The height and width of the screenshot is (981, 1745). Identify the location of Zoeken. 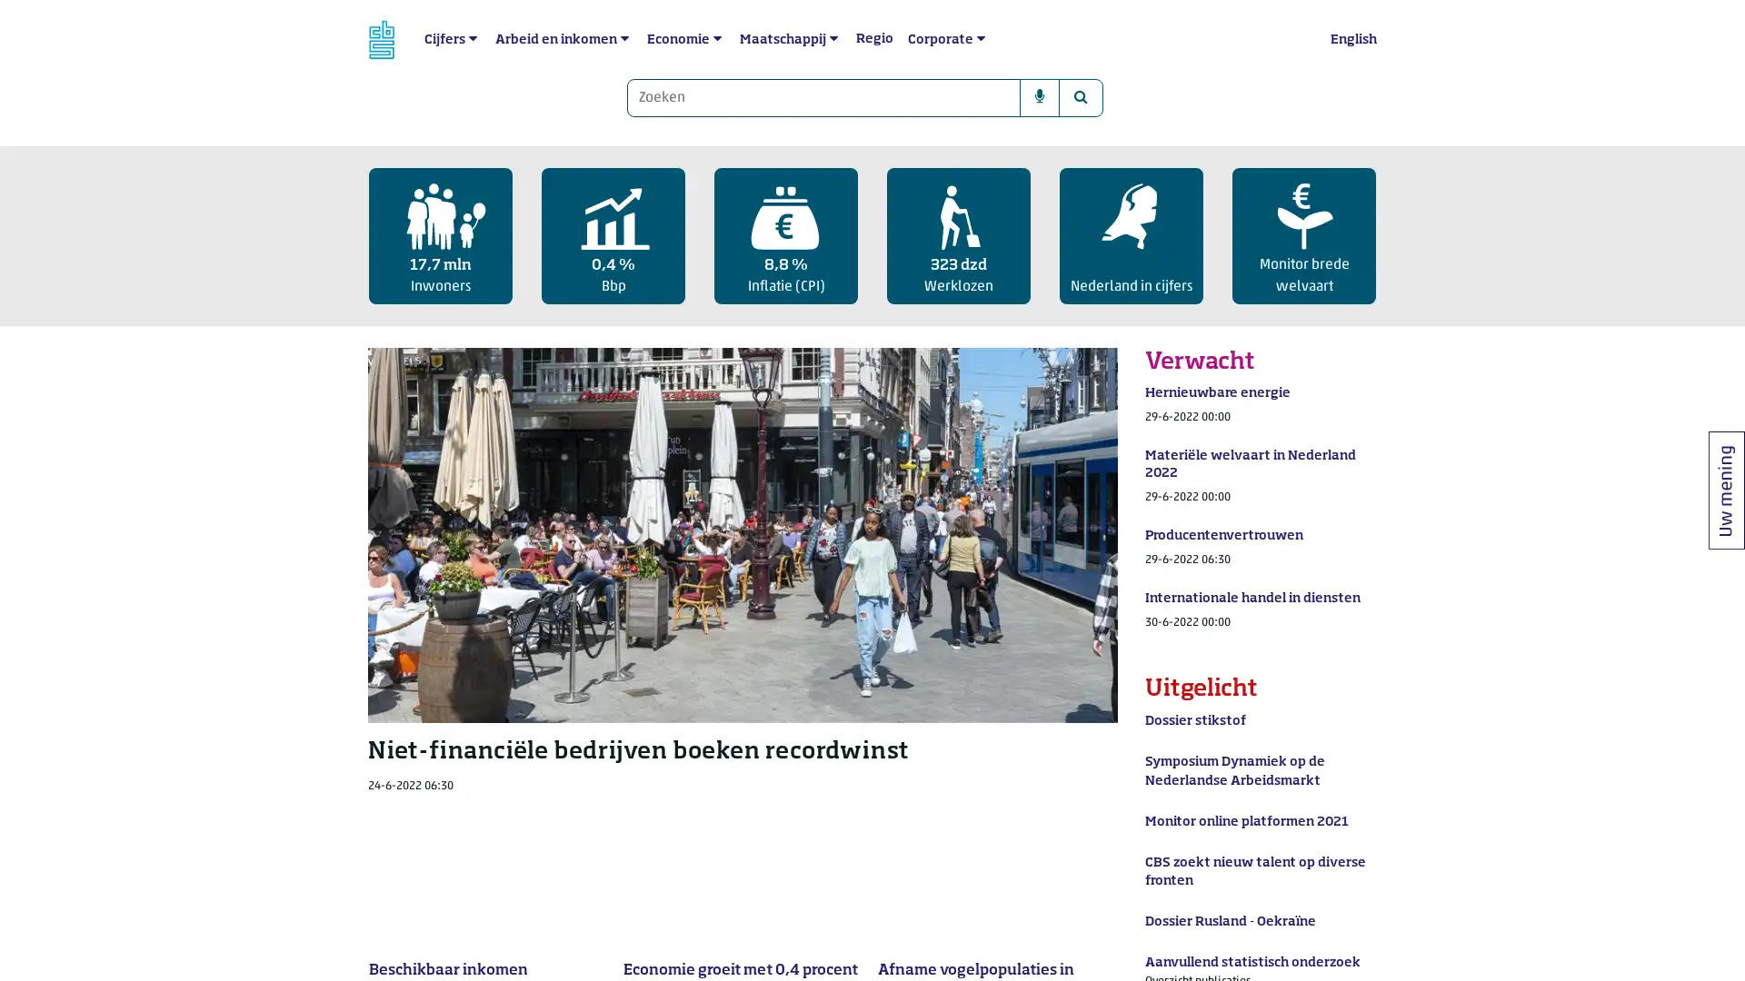
(1081, 98).